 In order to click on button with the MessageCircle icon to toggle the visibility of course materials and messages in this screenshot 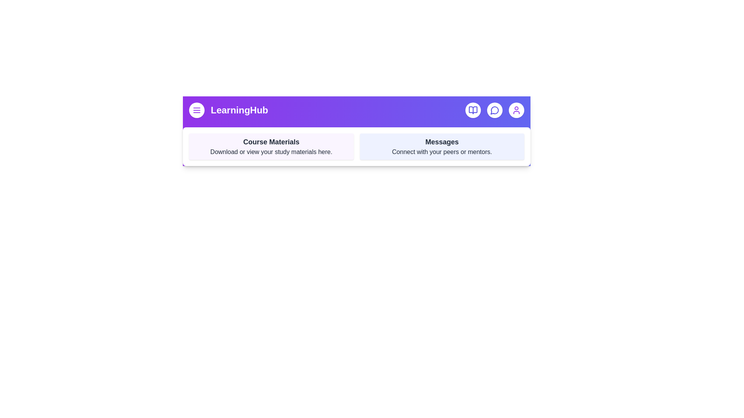, I will do `click(494, 110)`.